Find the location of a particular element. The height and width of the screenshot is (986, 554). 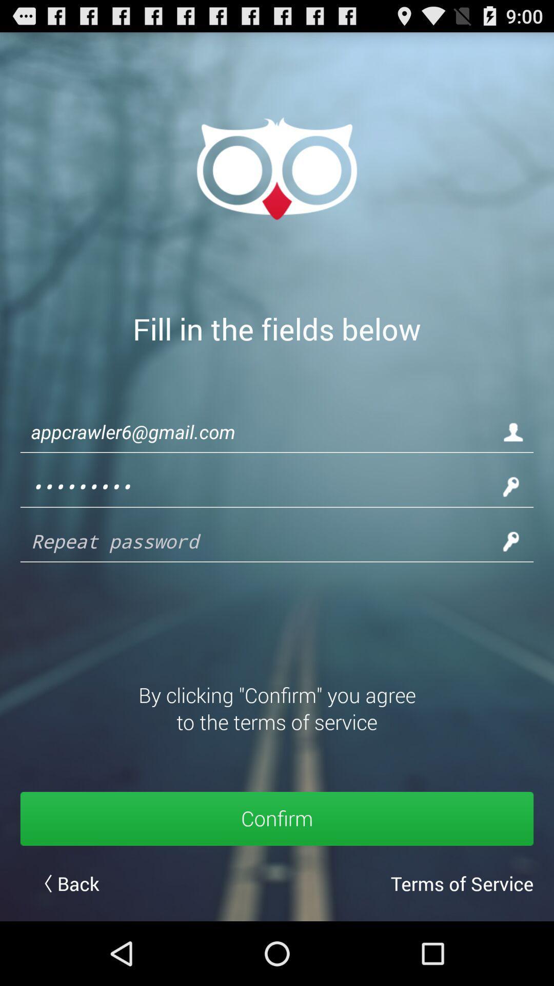

repeat password is located at coordinates (262, 541).